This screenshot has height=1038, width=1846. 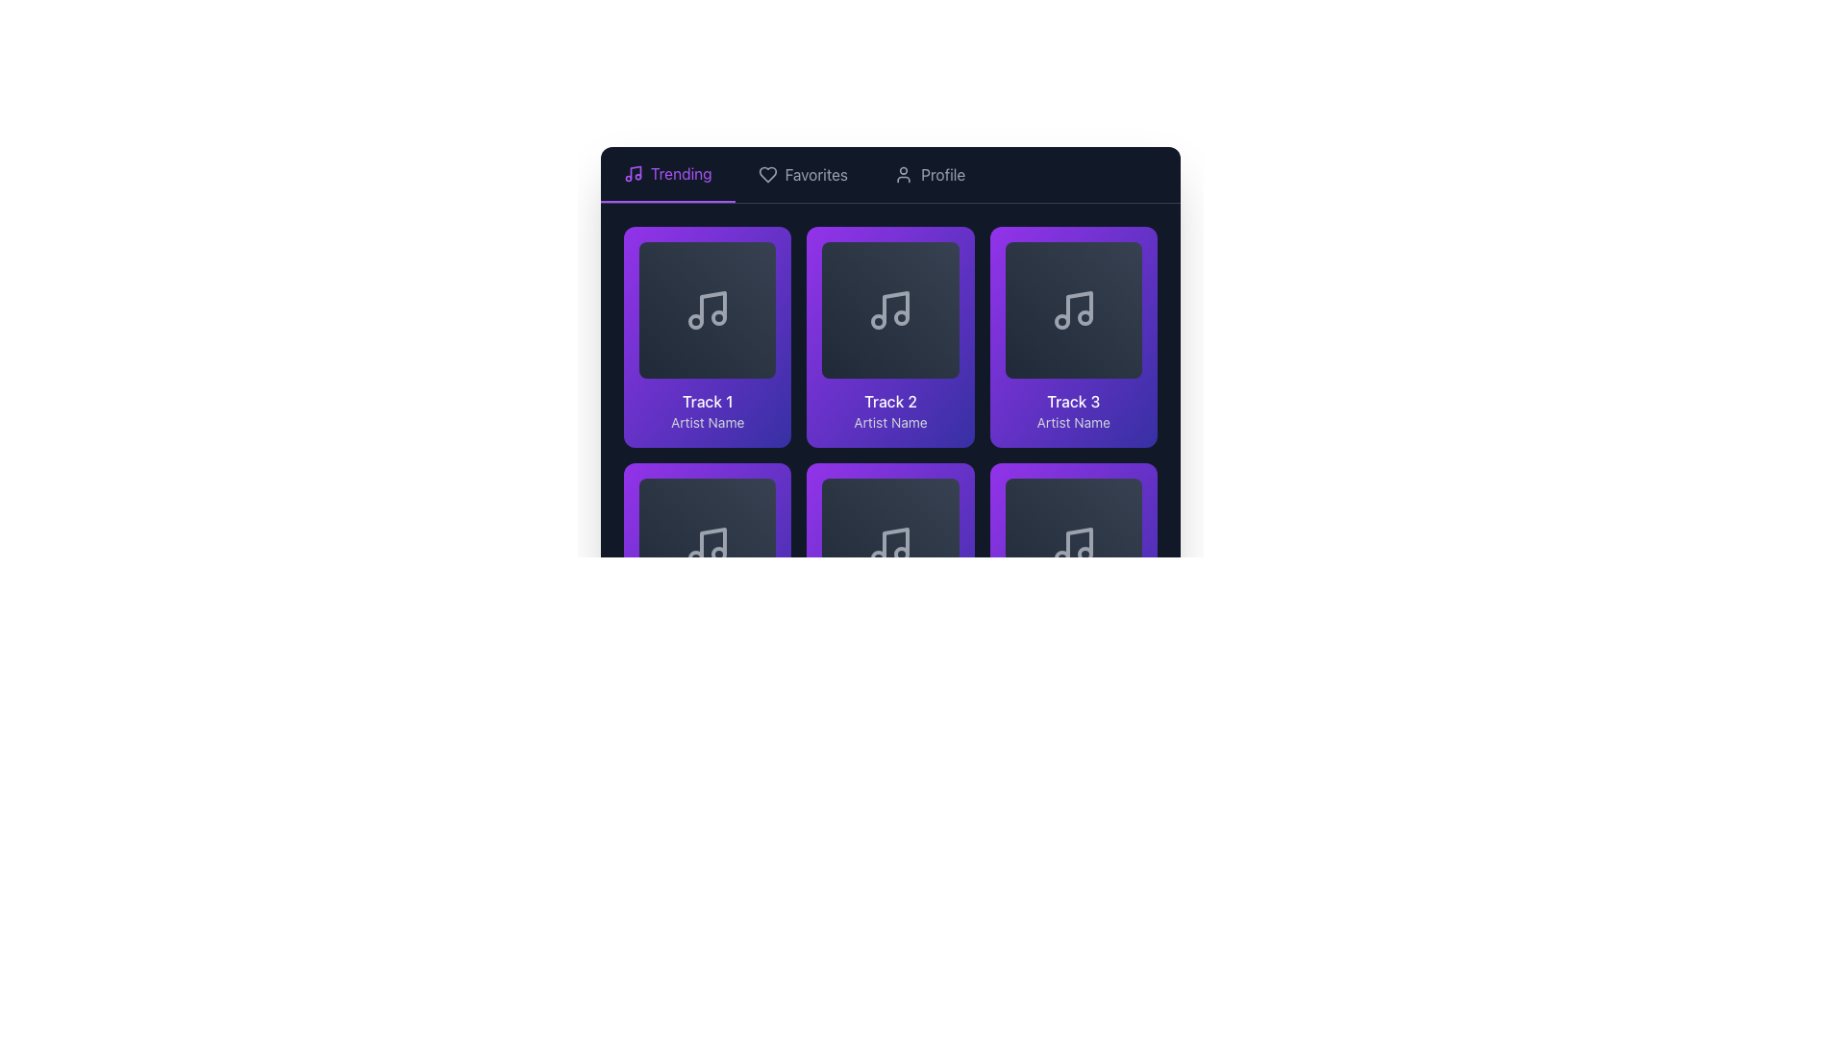 What do you see at coordinates (1072, 573) in the screenshot?
I see `the song selection card` at bounding box center [1072, 573].